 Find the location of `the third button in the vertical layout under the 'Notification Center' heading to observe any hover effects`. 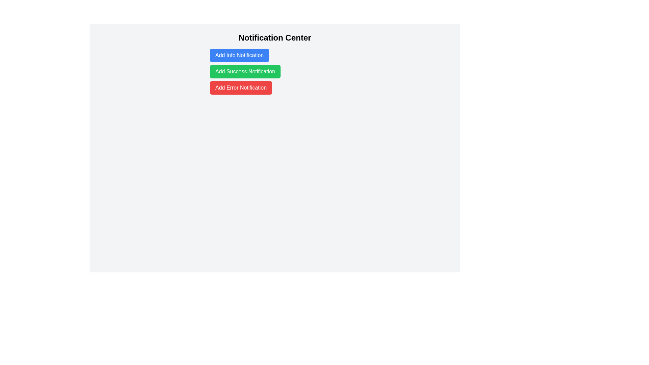

the third button in the vertical layout under the 'Notification Center' heading to observe any hover effects is located at coordinates (241, 87).